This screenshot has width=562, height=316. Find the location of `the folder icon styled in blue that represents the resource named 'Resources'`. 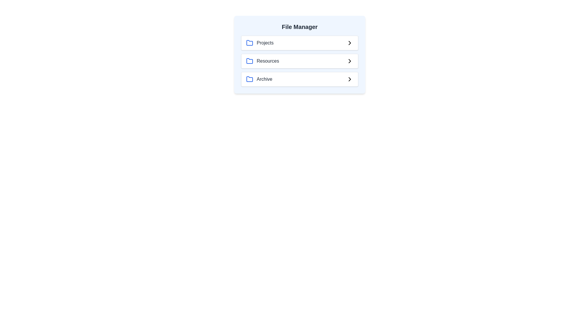

the folder icon styled in blue that represents the resource named 'Resources' is located at coordinates (250, 61).